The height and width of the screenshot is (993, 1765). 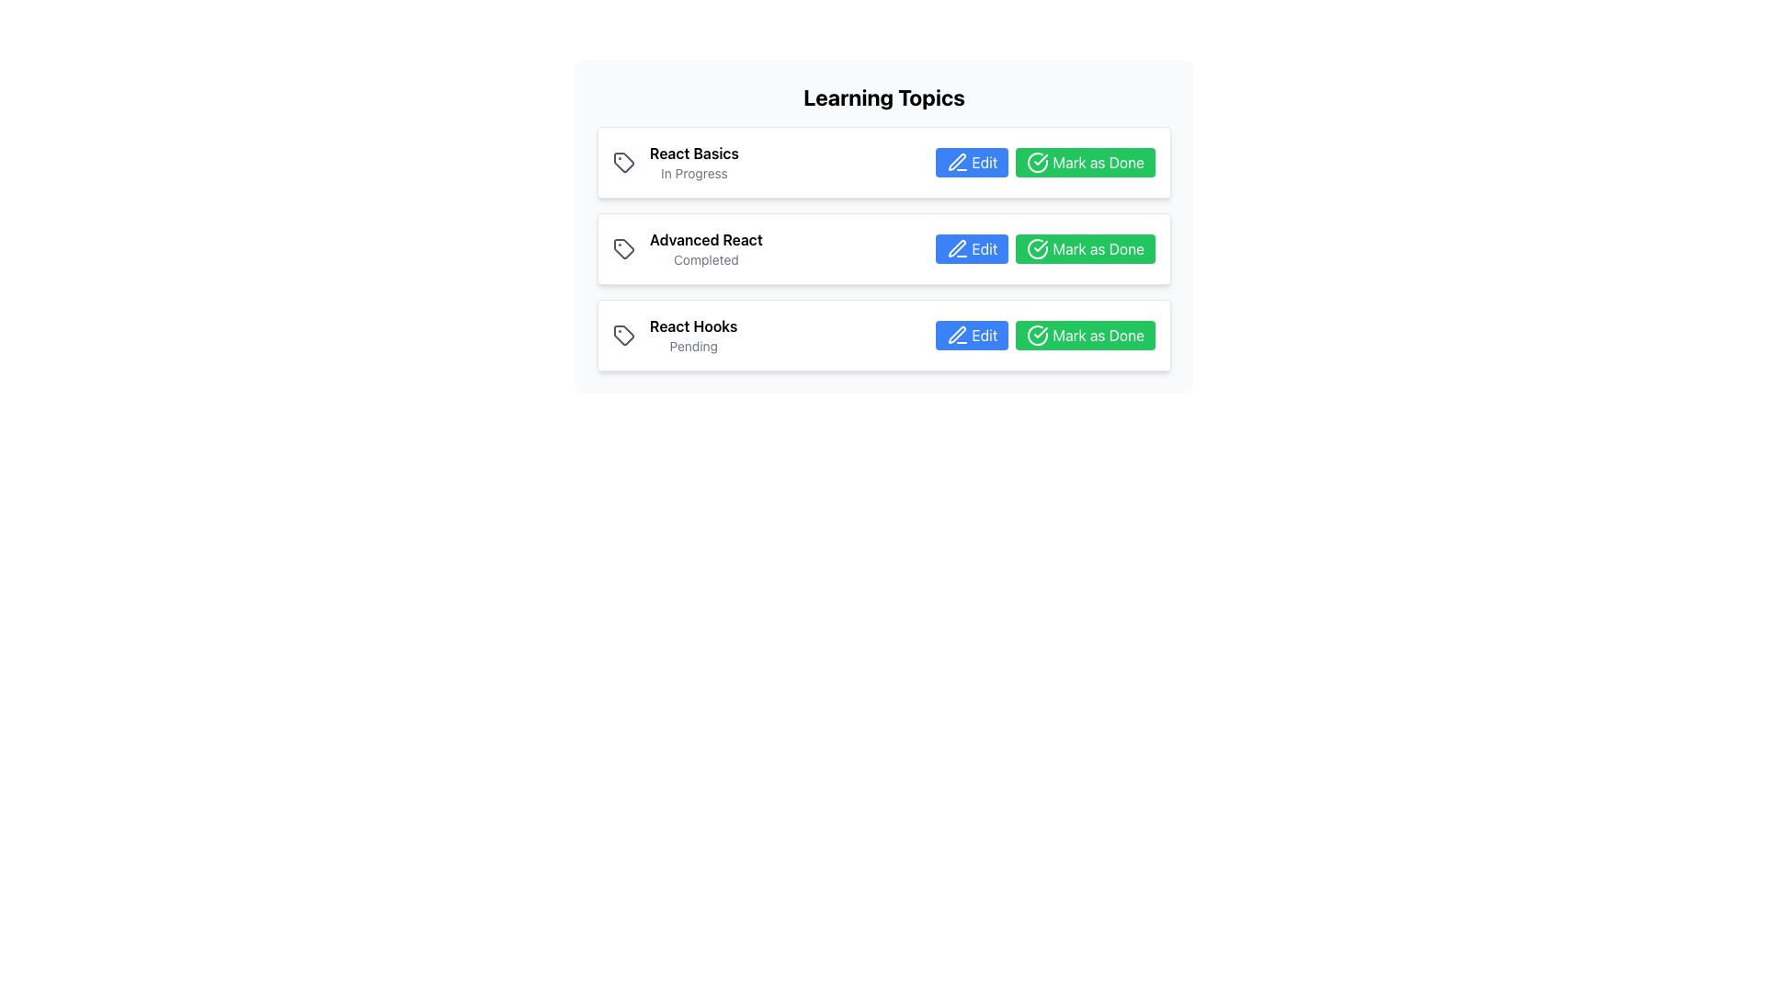 I want to click on the first icon indicating the 'React Hooks' topic, which is positioned to the left of the topic title in the UI, so click(x=623, y=336).